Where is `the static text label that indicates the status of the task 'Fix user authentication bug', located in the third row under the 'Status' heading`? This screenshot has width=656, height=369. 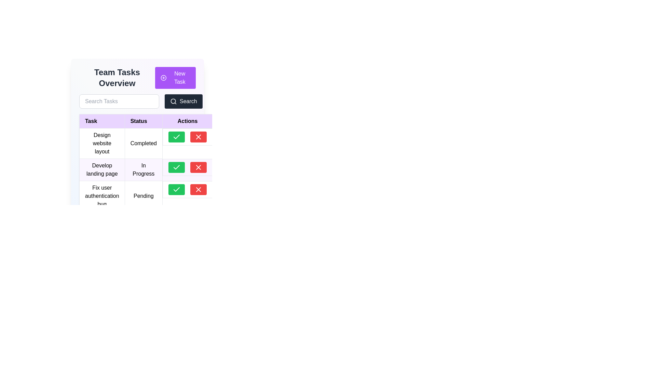
the static text label that indicates the status of the task 'Fix user authentication bug', located in the third row under the 'Status' heading is located at coordinates (143, 196).